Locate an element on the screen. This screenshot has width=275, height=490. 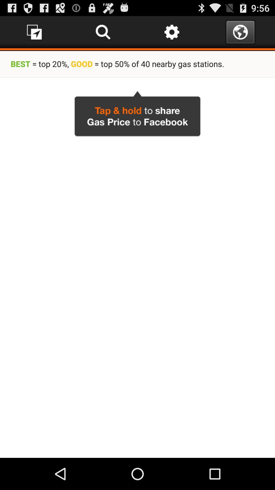
the music icon is located at coordinates (34, 34).